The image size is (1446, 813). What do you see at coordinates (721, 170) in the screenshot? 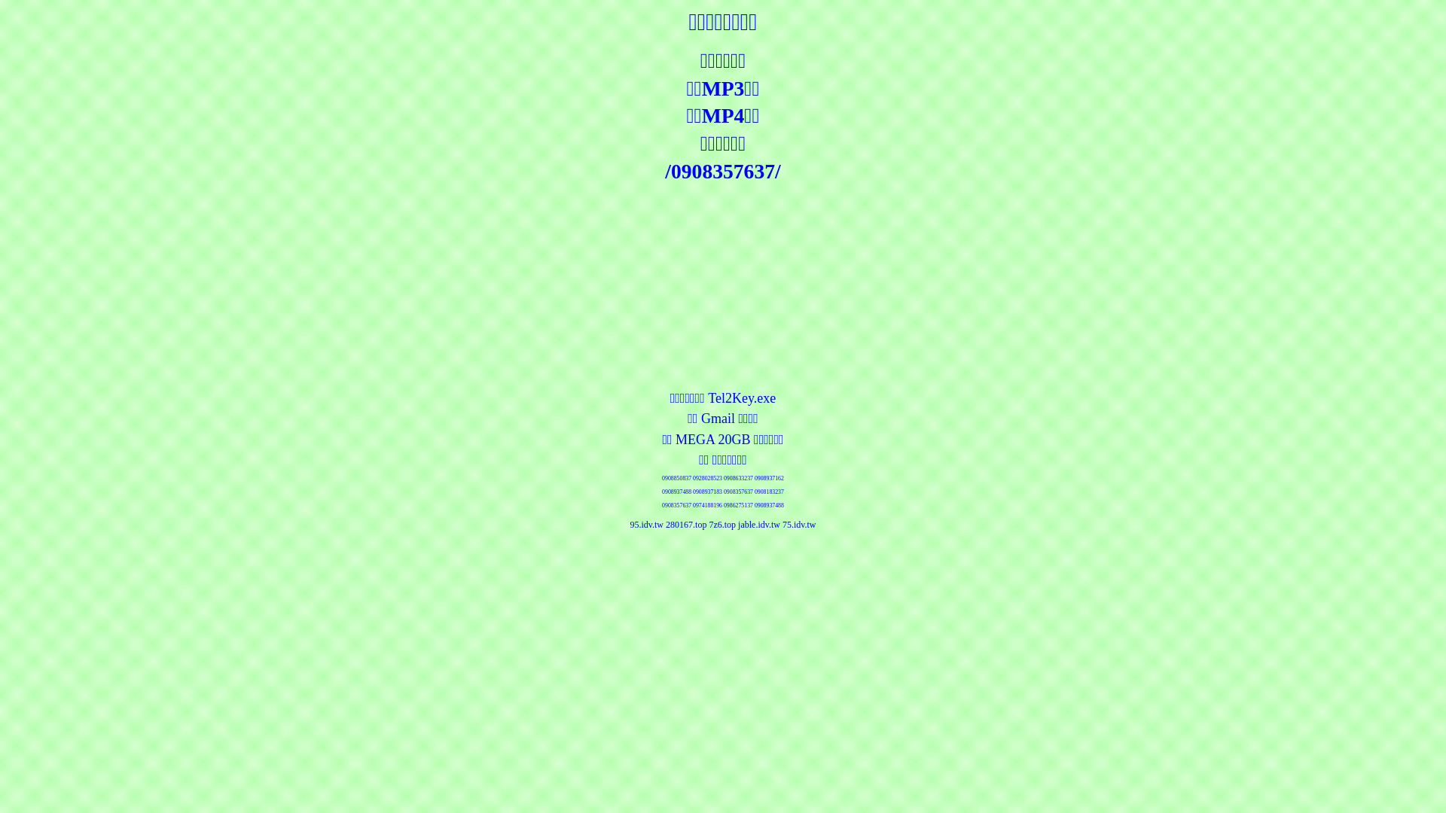
I see `'/0908357637/'` at bounding box center [721, 170].